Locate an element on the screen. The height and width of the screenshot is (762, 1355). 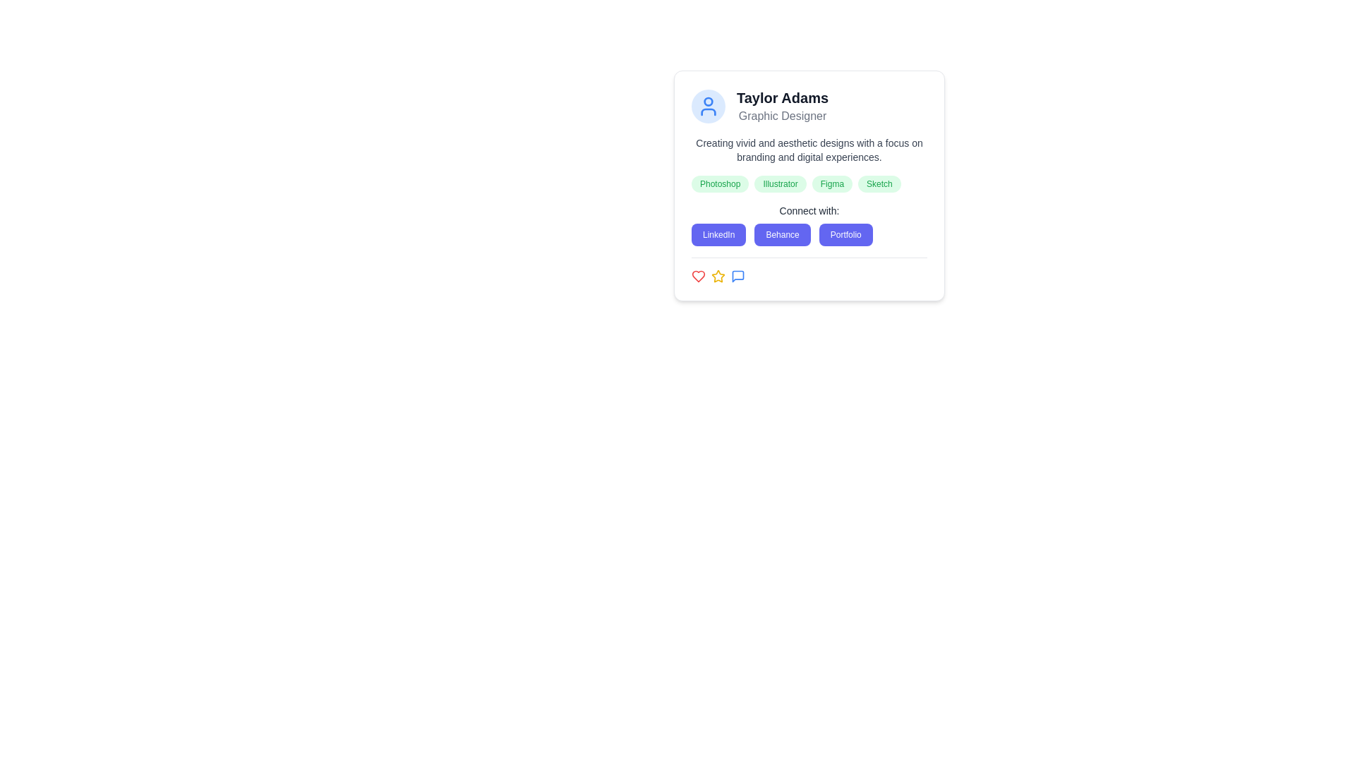
the label with the text 'Sketch', which has a green background and is styled with rounded edges, located to the right of the 'Figma' label is located at coordinates (879, 183).